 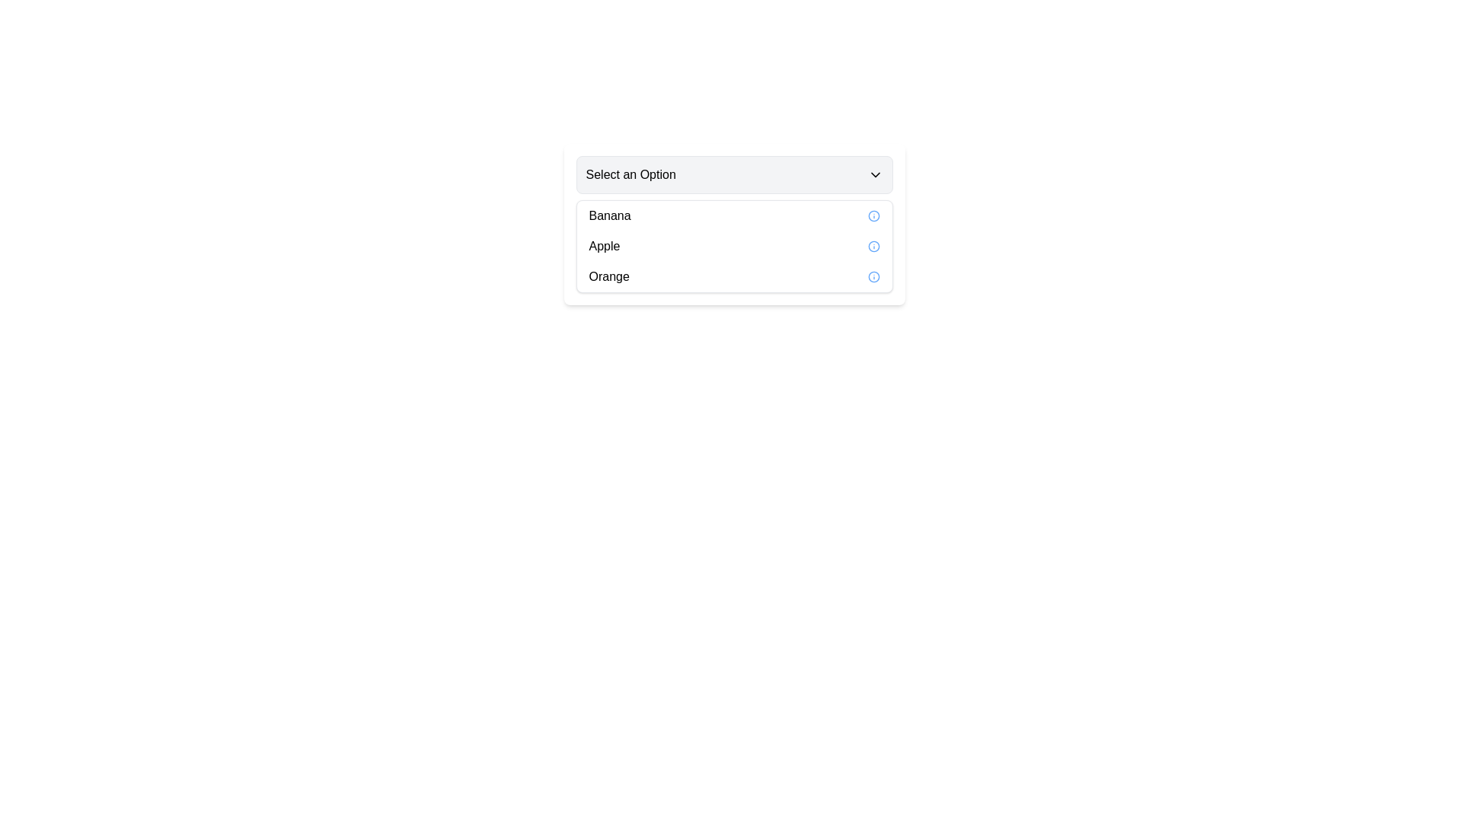 I want to click on the Circular SVG icon with a border located to the right of the 'Banana' text in the dropdown menu to potentially trigger more information, so click(x=873, y=216).